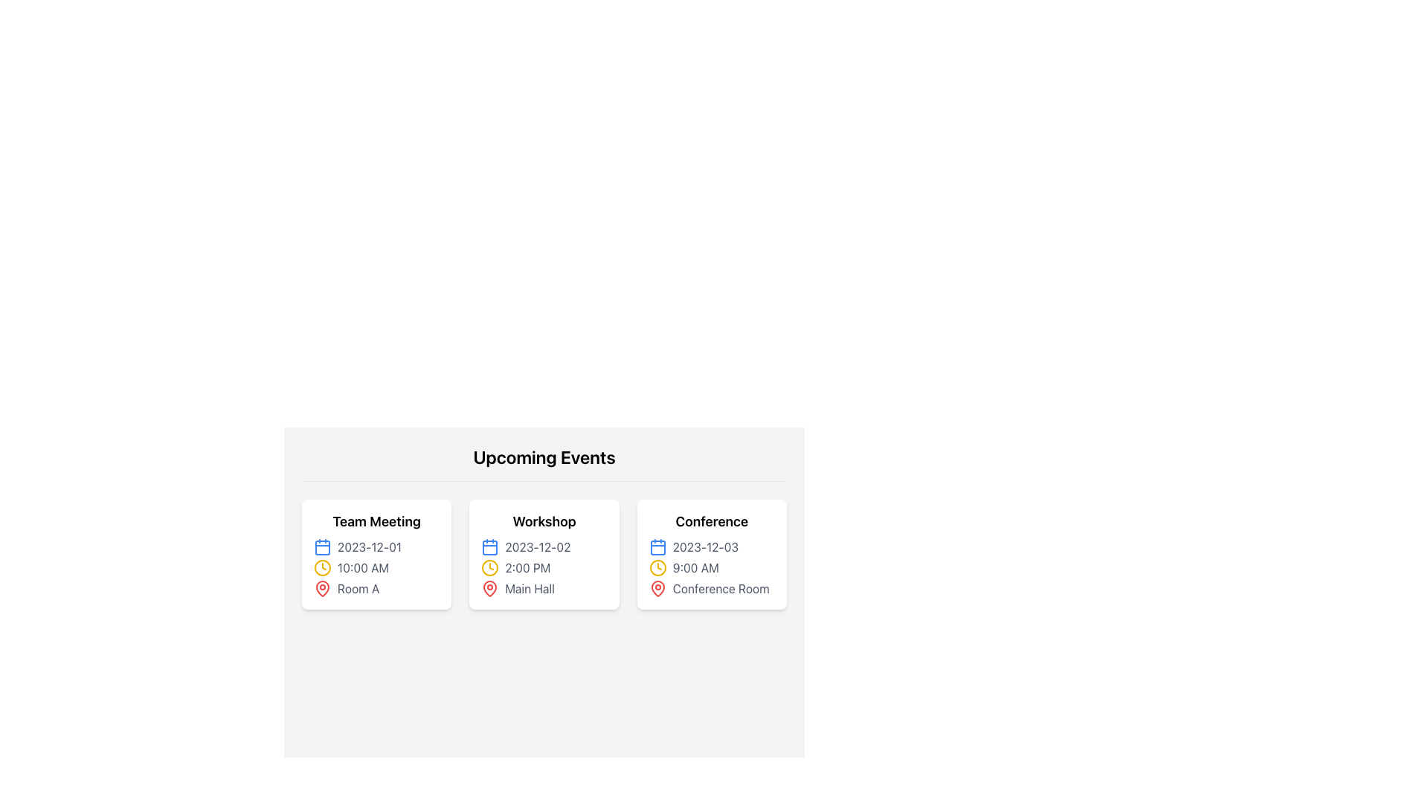 Image resolution: width=1428 pixels, height=803 pixels. What do you see at coordinates (376, 547) in the screenshot?
I see `the Text Display that shows the date of the associated event, located below 'Team Meeting' and above '10:00 AM' in the first event card` at bounding box center [376, 547].